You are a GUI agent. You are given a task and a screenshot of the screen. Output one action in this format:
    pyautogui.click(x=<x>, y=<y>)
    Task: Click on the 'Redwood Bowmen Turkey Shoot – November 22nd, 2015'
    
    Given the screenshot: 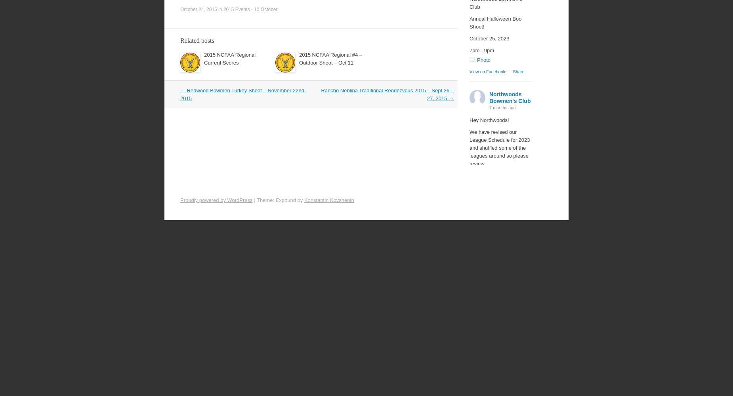 What is the action you would take?
    pyautogui.click(x=243, y=94)
    